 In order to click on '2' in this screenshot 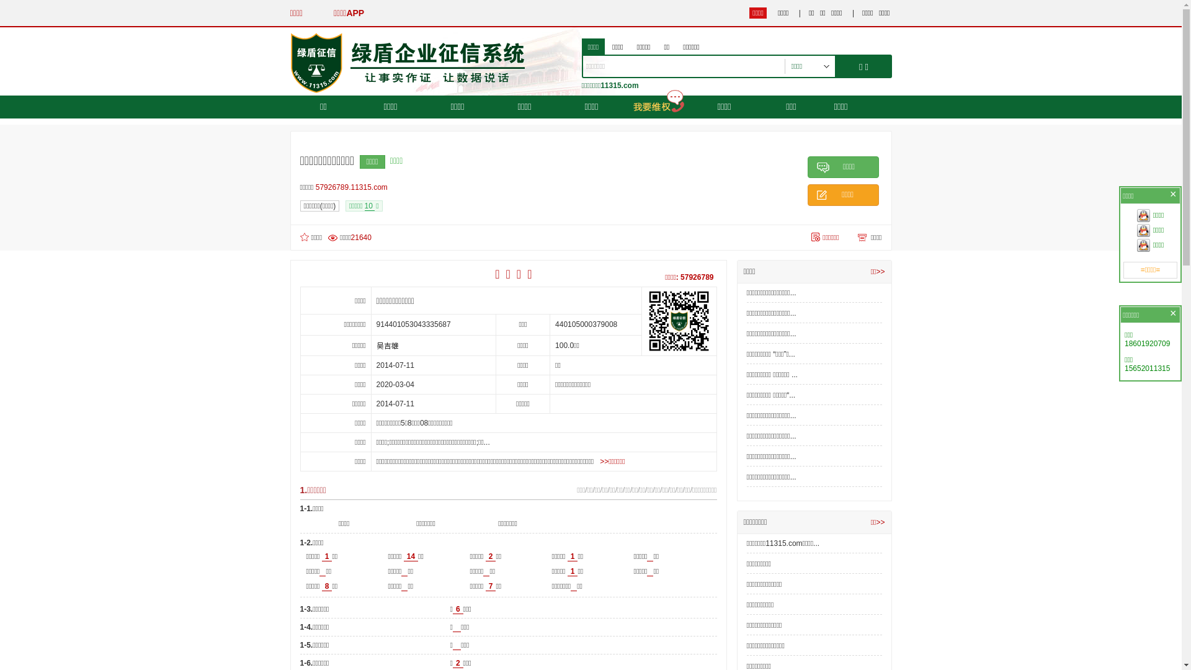, I will do `click(484, 556)`.